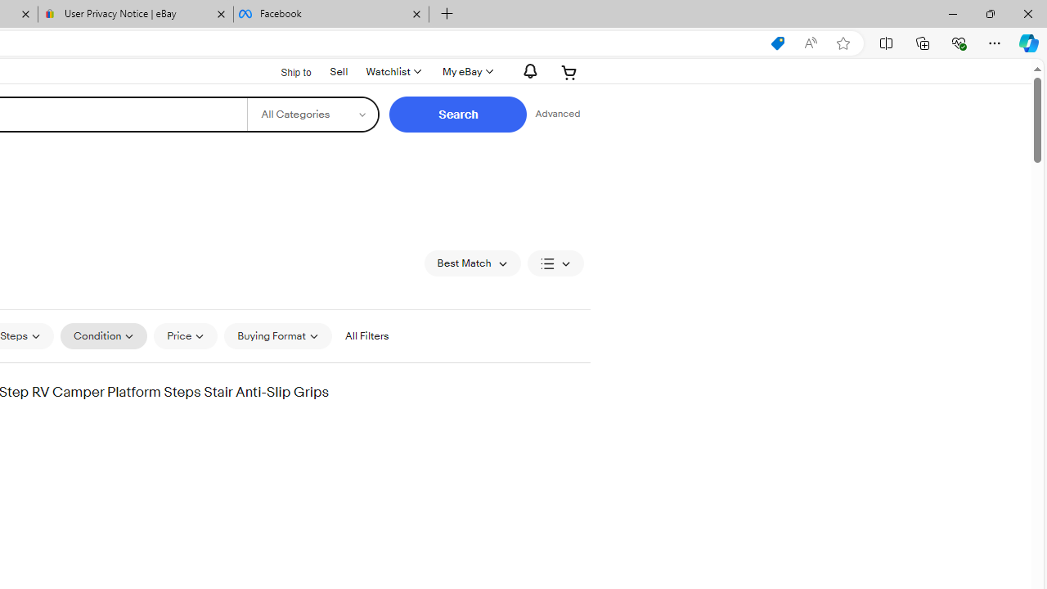 Image resolution: width=1047 pixels, height=589 pixels. What do you see at coordinates (136, 14) in the screenshot?
I see `'User Privacy Notice | eBay'` at bounding box center [136, 14].